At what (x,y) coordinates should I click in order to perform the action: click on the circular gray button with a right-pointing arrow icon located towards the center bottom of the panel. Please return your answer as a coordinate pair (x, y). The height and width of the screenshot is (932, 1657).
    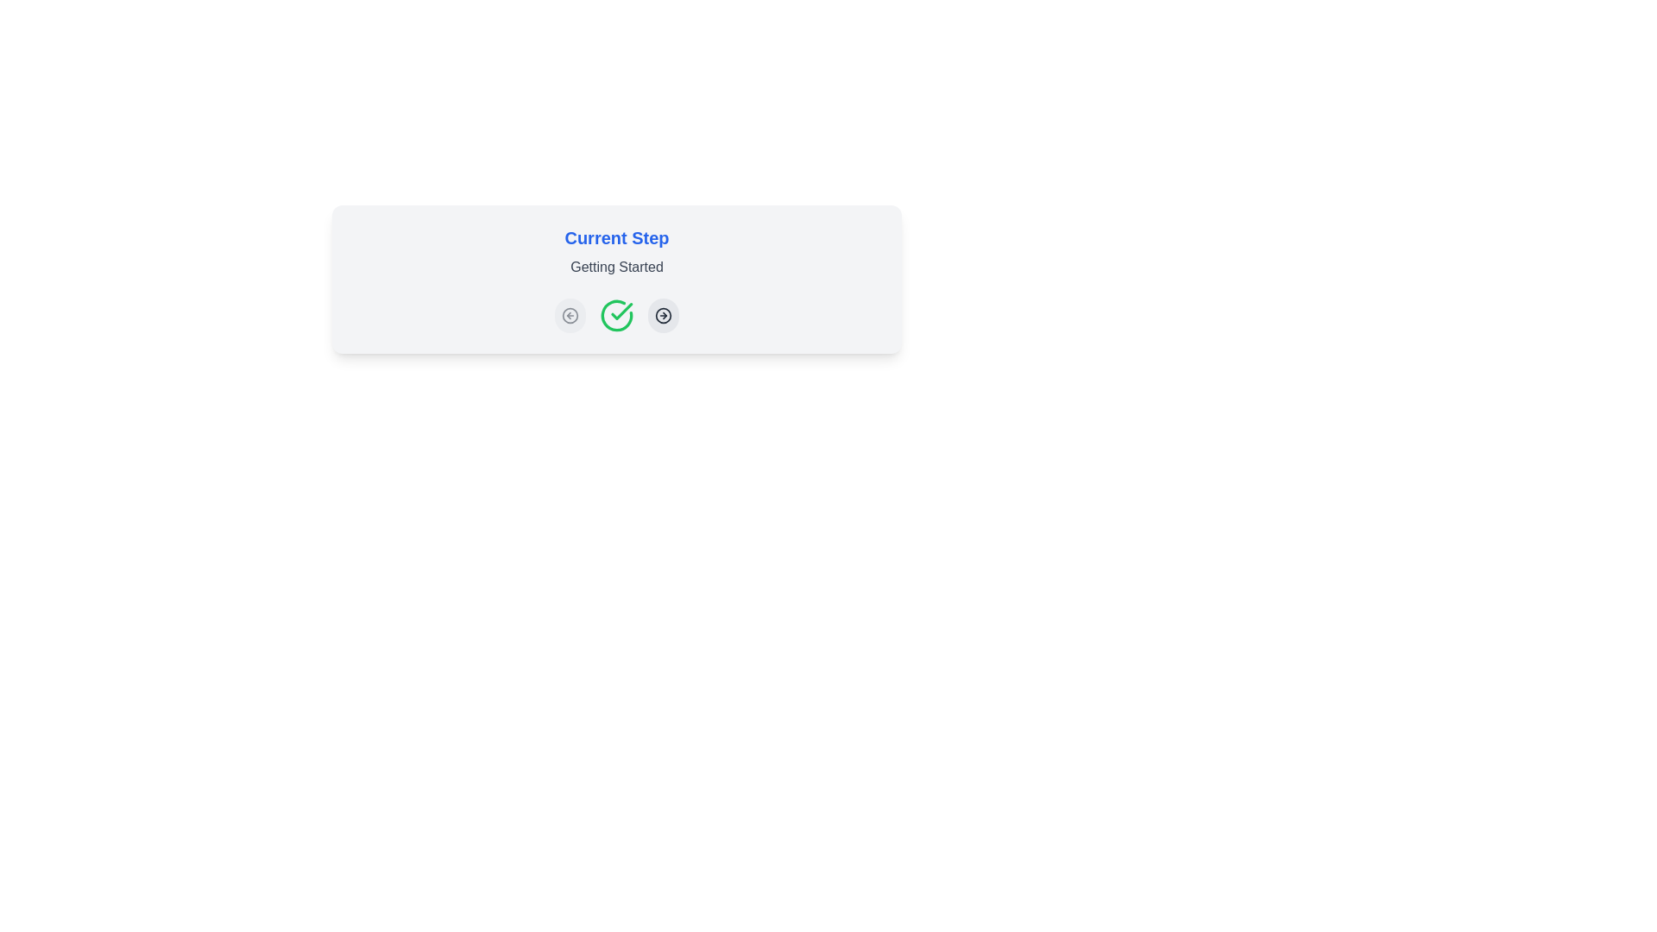
    Looking at the image, I should click on (662, 316).